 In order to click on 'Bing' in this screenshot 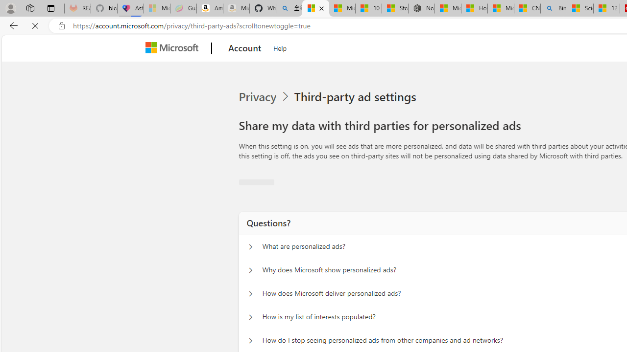, I will do `click(554, 8)`.